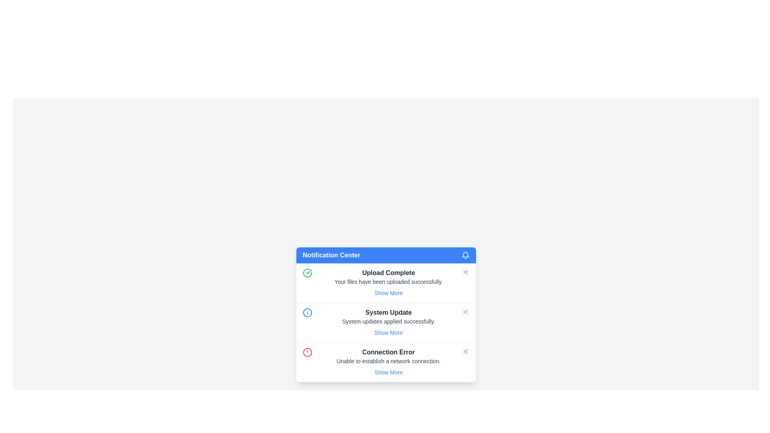 The width and height of the screenshot is (770, 433). Describe the element at coordinates (466, 271) in the screenshot. I see `the close button located at the top right corner of the 'Upload Complete' notification box` at that location.